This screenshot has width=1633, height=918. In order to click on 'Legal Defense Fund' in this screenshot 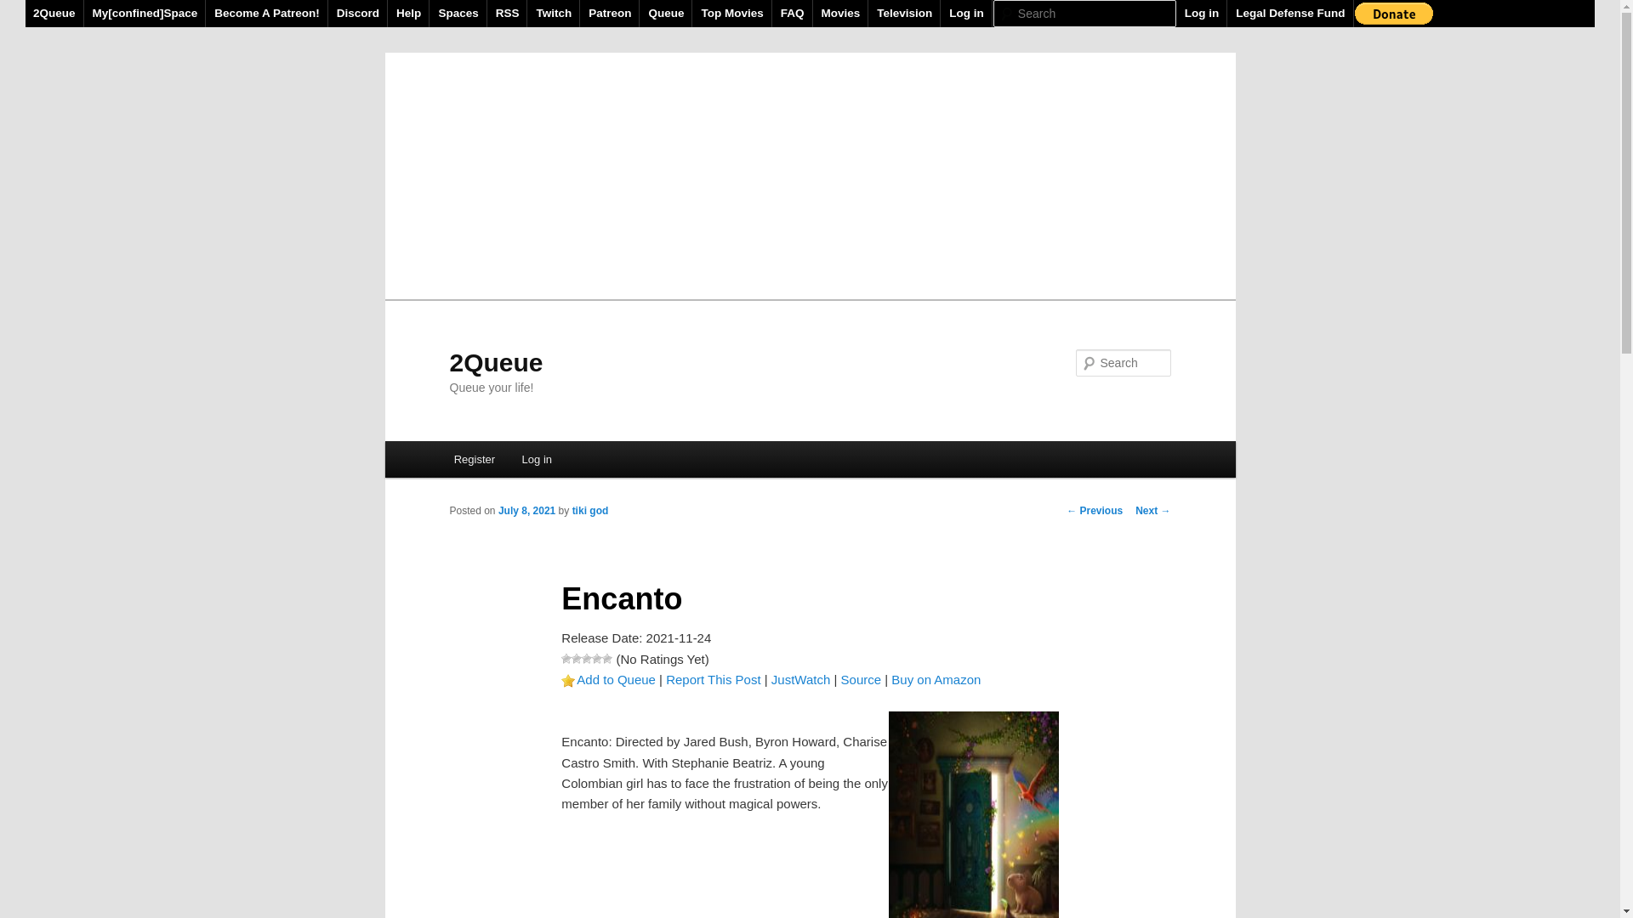, I will do `click(1228, 13)`.